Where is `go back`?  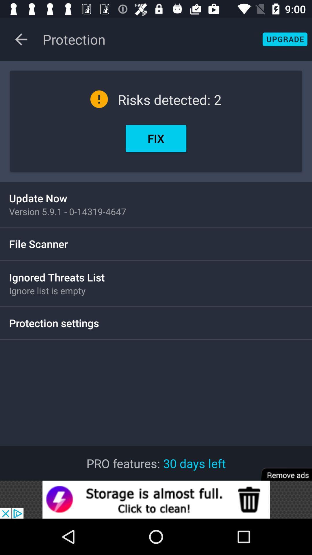
go back is located at coordinates (21, 39).